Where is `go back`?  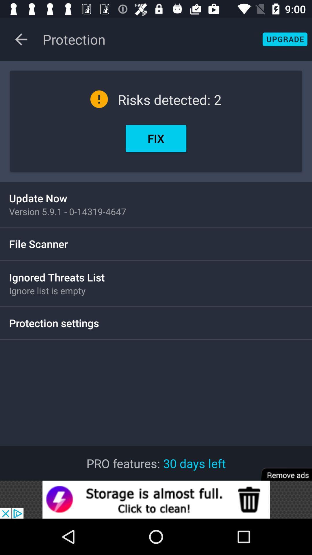
go back is located at coordinates (21, 39).